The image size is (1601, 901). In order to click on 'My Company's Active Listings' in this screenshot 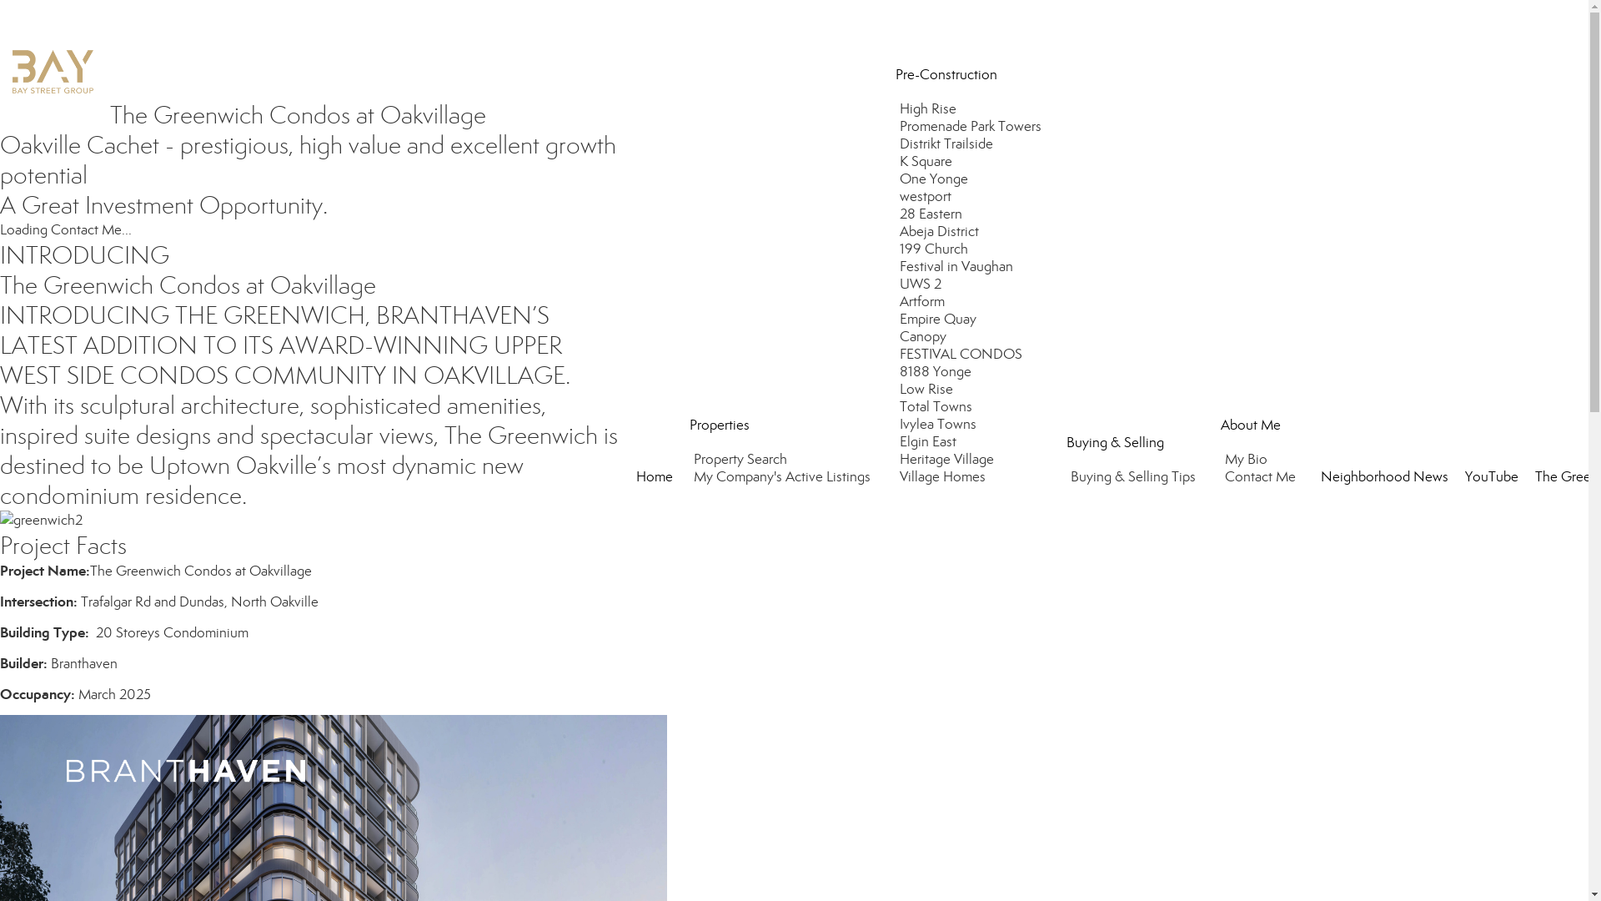, I will do `click(783, 476)`.